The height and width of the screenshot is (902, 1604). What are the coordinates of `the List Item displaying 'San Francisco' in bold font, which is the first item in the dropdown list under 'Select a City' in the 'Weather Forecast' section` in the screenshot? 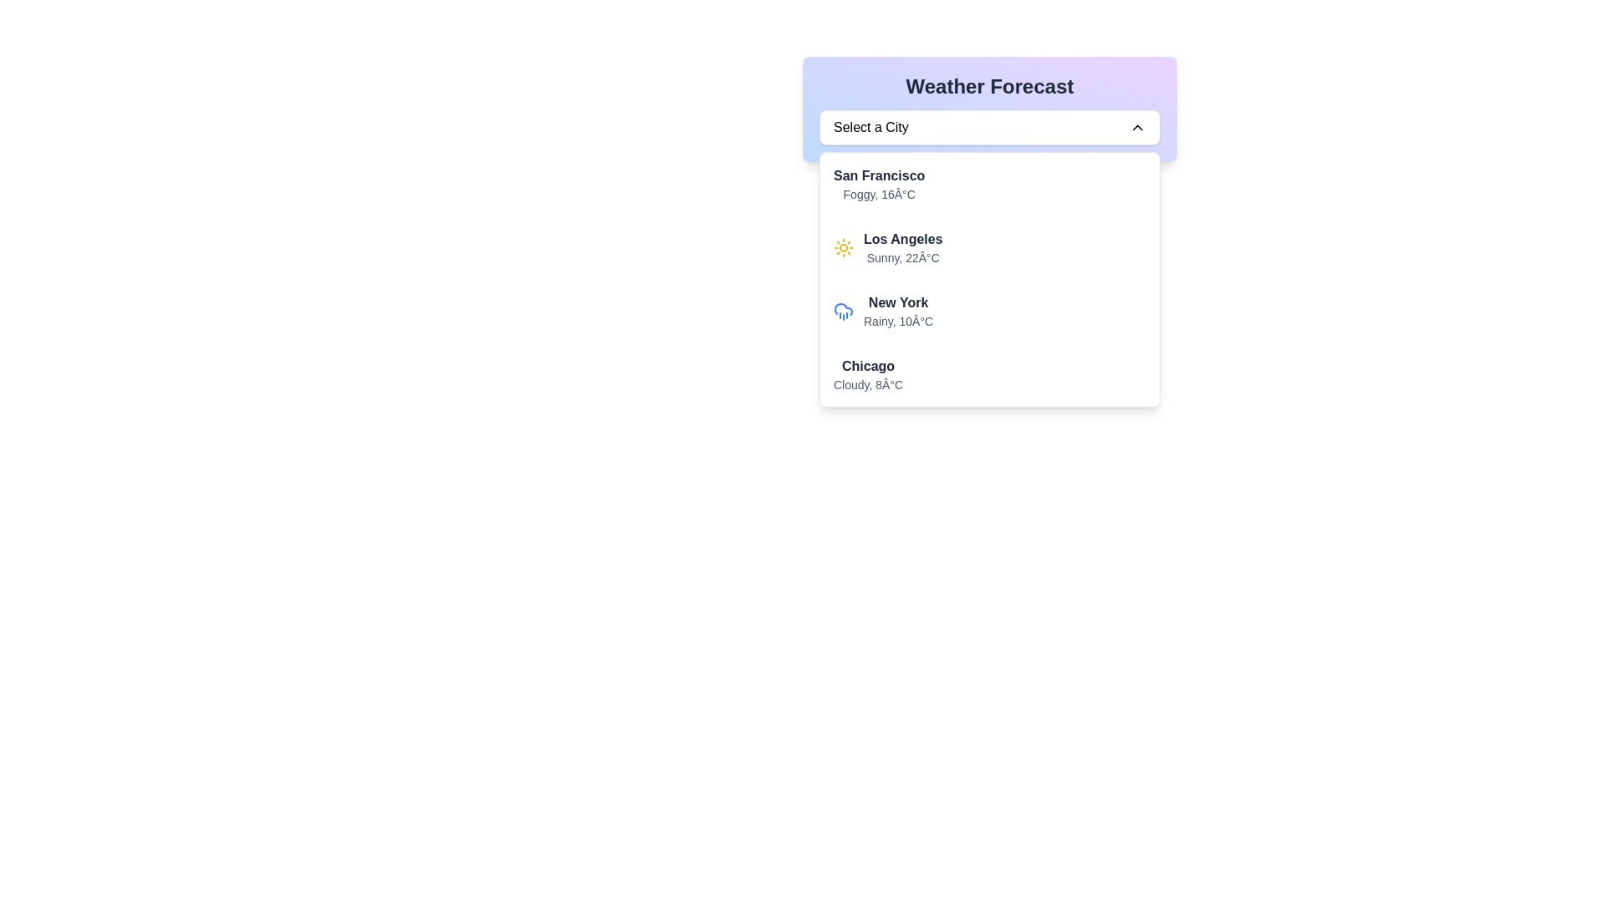 It's located at (990, 184).